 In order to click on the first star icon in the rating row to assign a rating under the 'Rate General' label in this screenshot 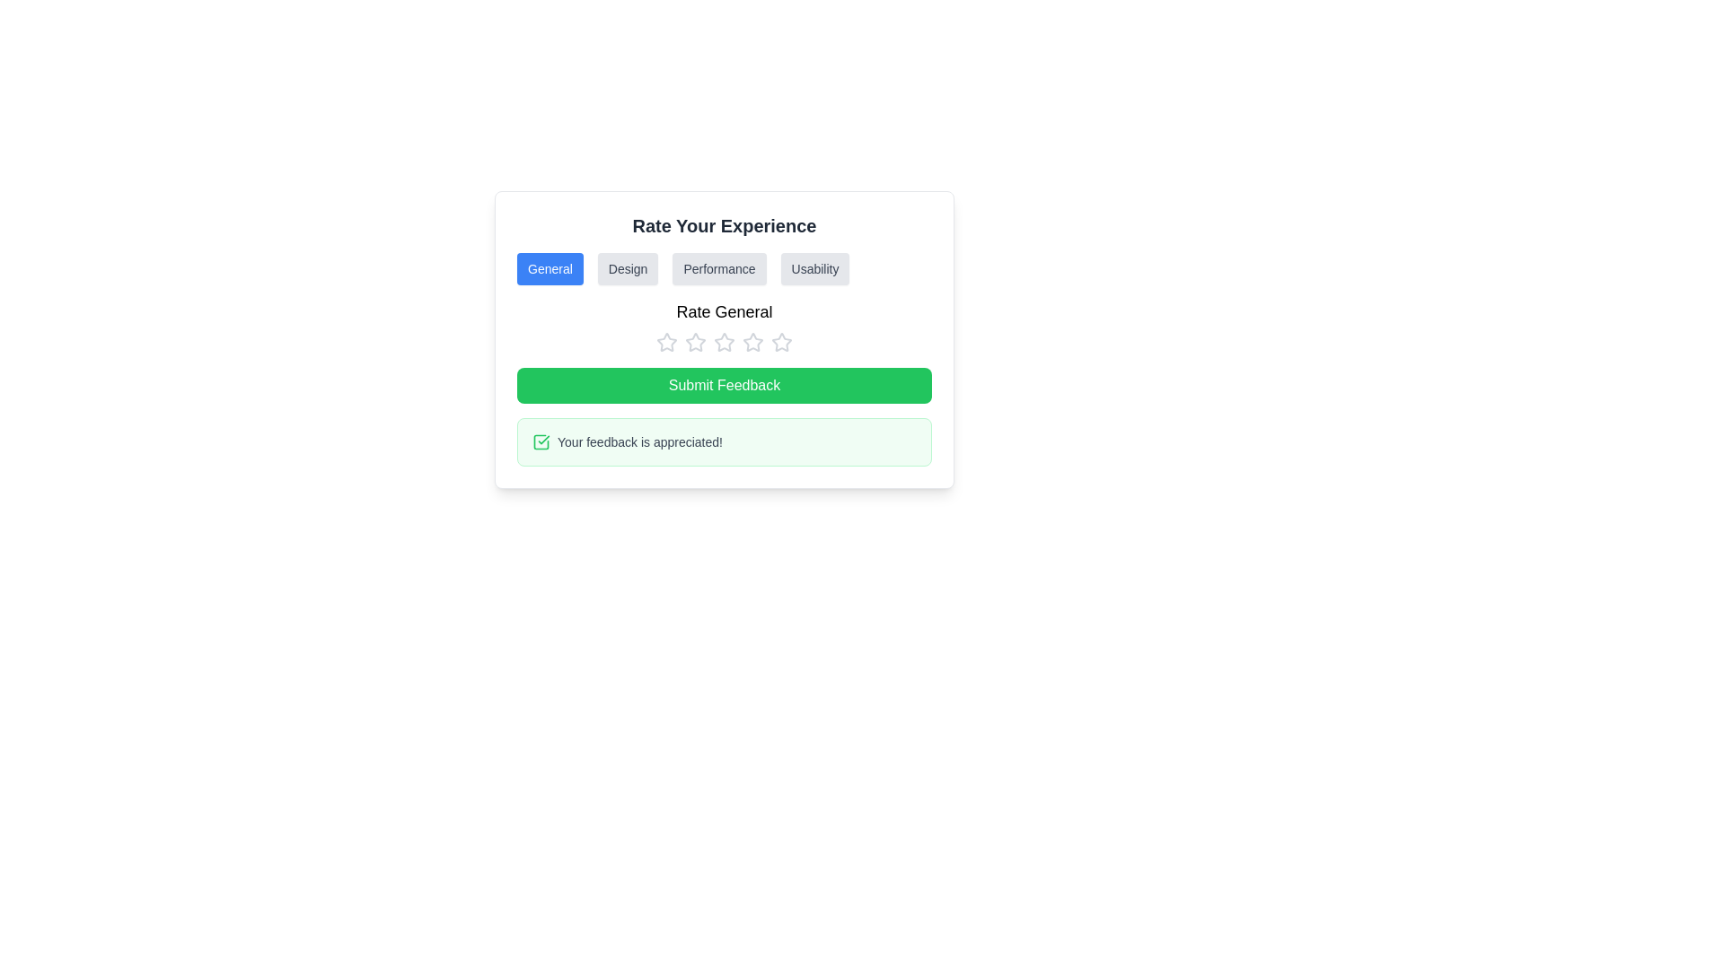, I will do `click(666, 342)`.